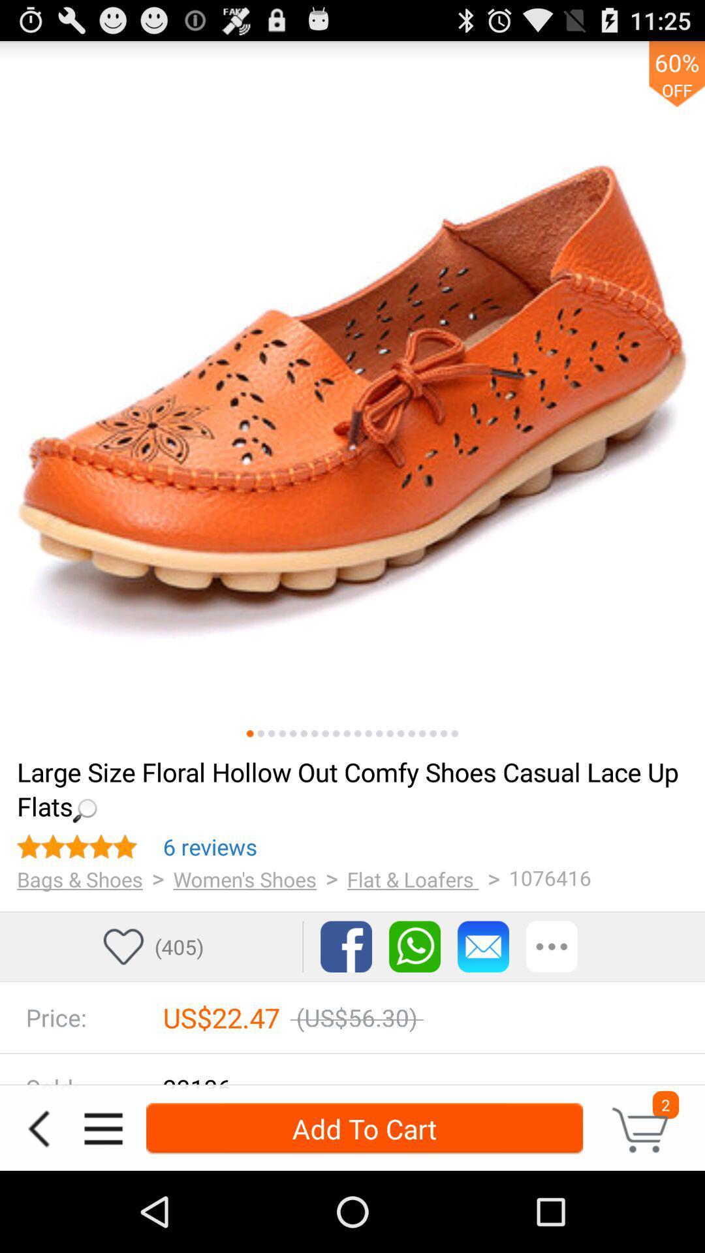 This screenshot has height=1253, width=705. What do you see at coordinates (271, 734) in the screenshot?
I see `item above loading... icon` at bounding box center [271, 734].